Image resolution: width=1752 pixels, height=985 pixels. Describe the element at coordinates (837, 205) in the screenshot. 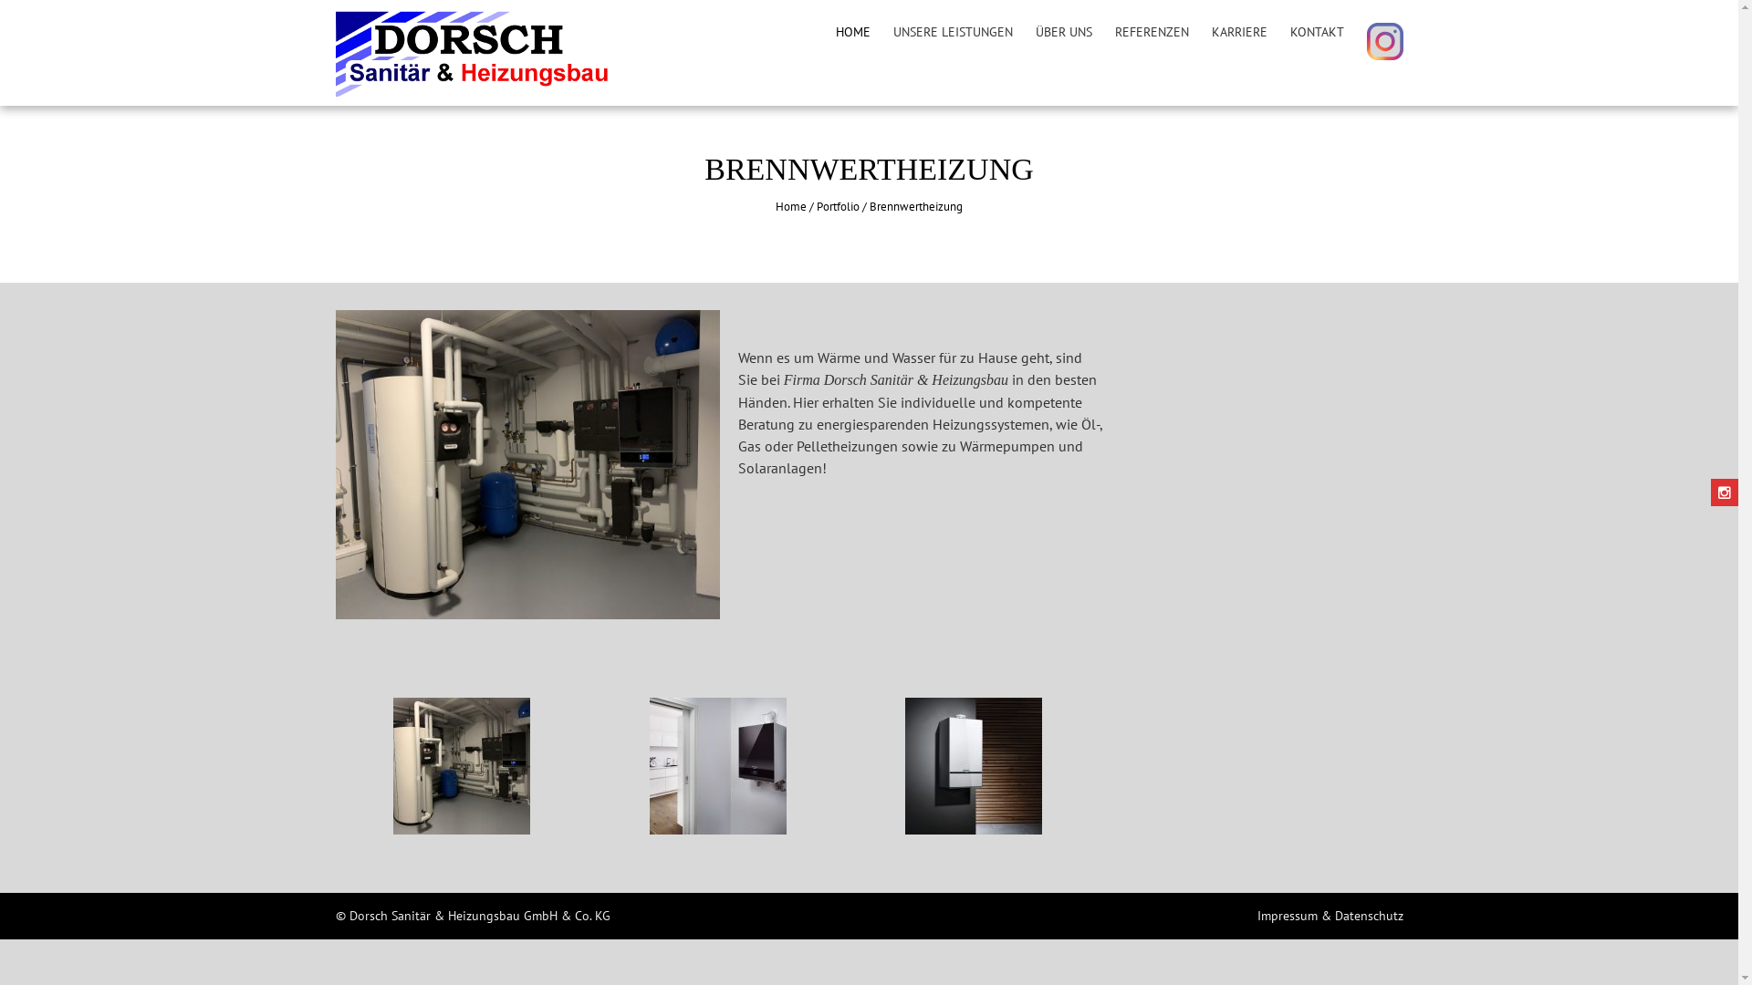

I see `'Portfolio'` at that location.